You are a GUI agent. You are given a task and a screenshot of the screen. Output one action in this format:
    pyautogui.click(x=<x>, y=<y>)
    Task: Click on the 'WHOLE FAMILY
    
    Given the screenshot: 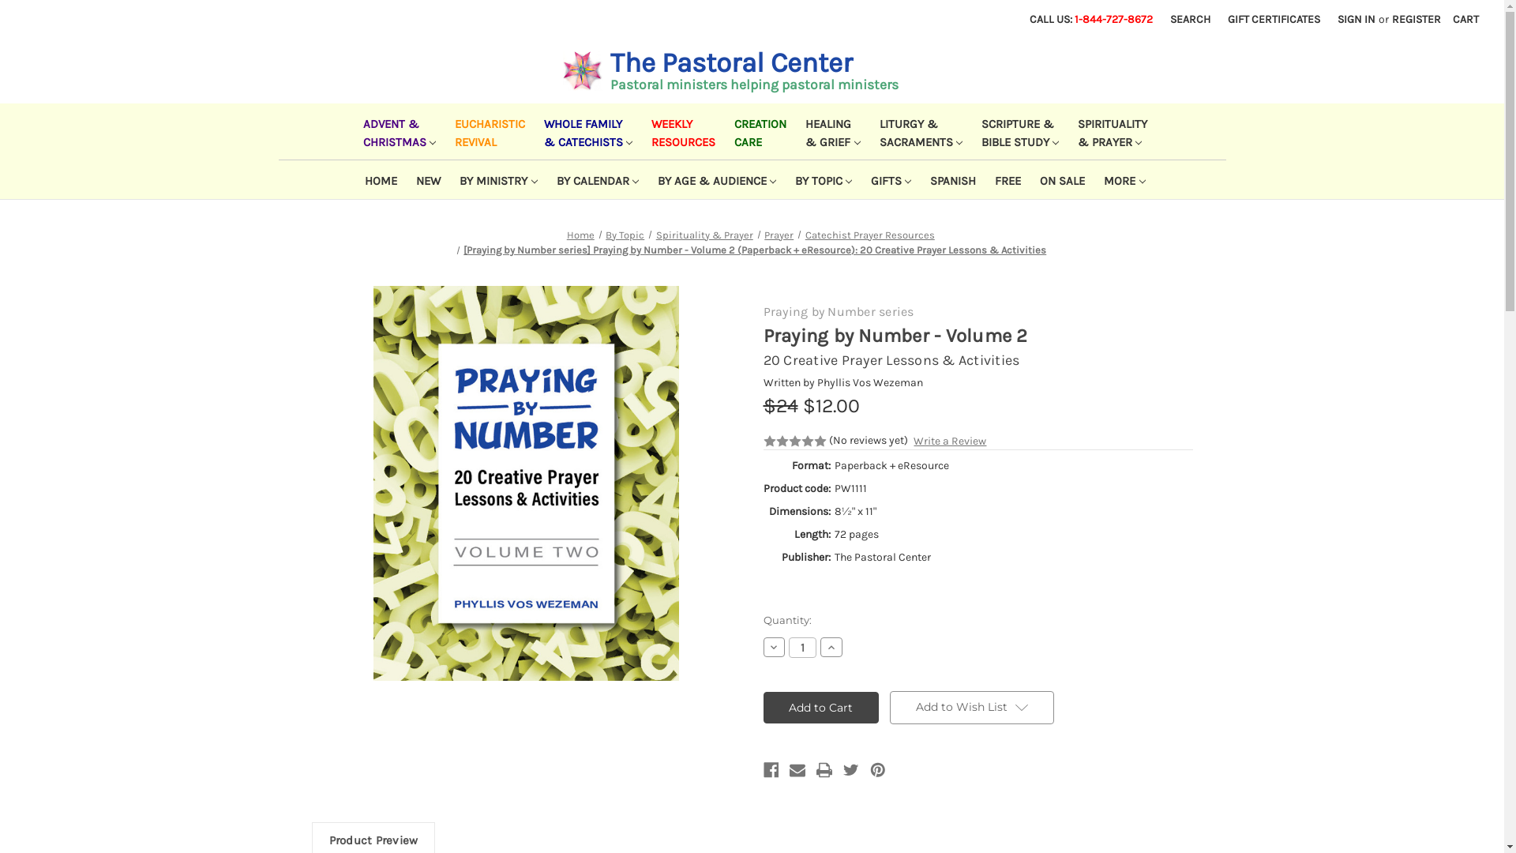 What is the action you would take?
    pyautogui.click(x=584, y=130)
    